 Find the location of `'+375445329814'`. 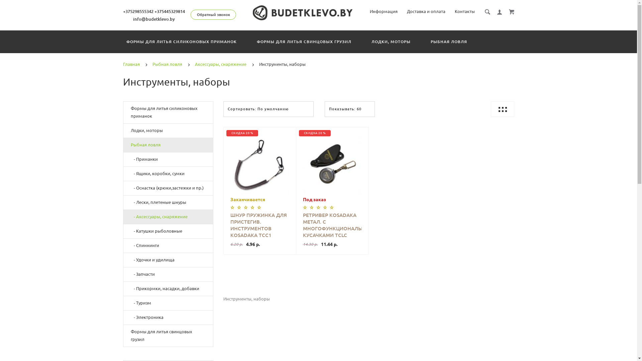

'+375445329814' is located at coordinates (170, 11).